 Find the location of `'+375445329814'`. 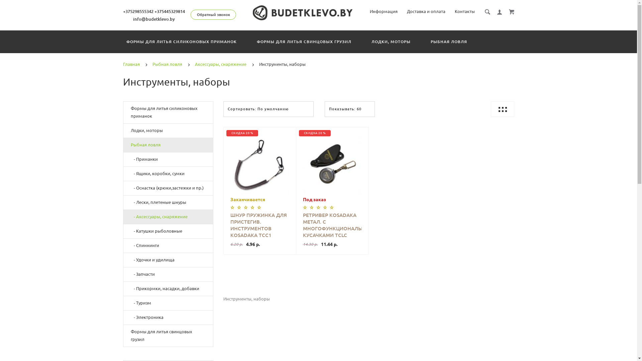

'+375445329814' is located at coordinates (170, 11).